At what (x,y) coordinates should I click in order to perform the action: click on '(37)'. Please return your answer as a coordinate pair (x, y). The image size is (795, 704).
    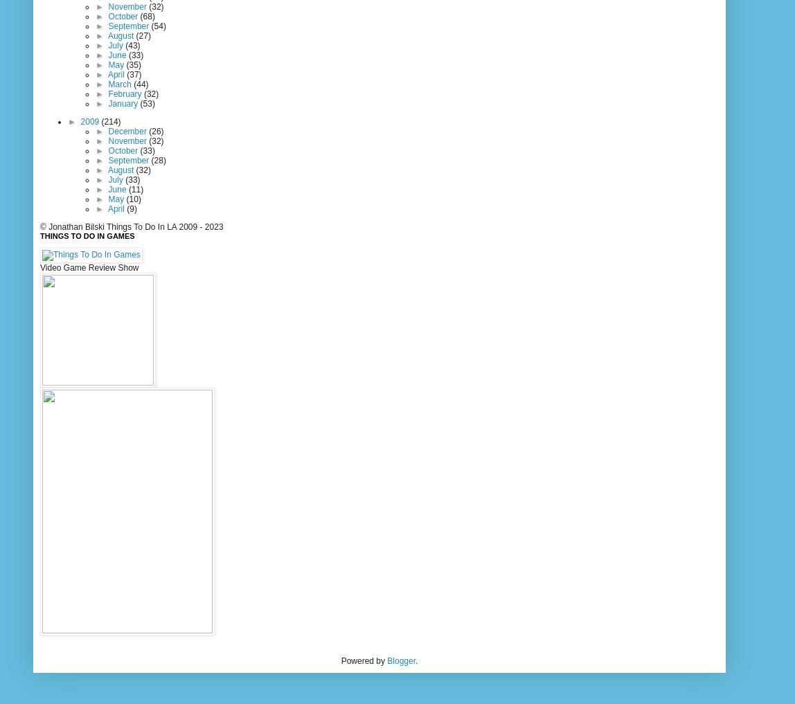
    Looking at the image, I should click on (134, 73).